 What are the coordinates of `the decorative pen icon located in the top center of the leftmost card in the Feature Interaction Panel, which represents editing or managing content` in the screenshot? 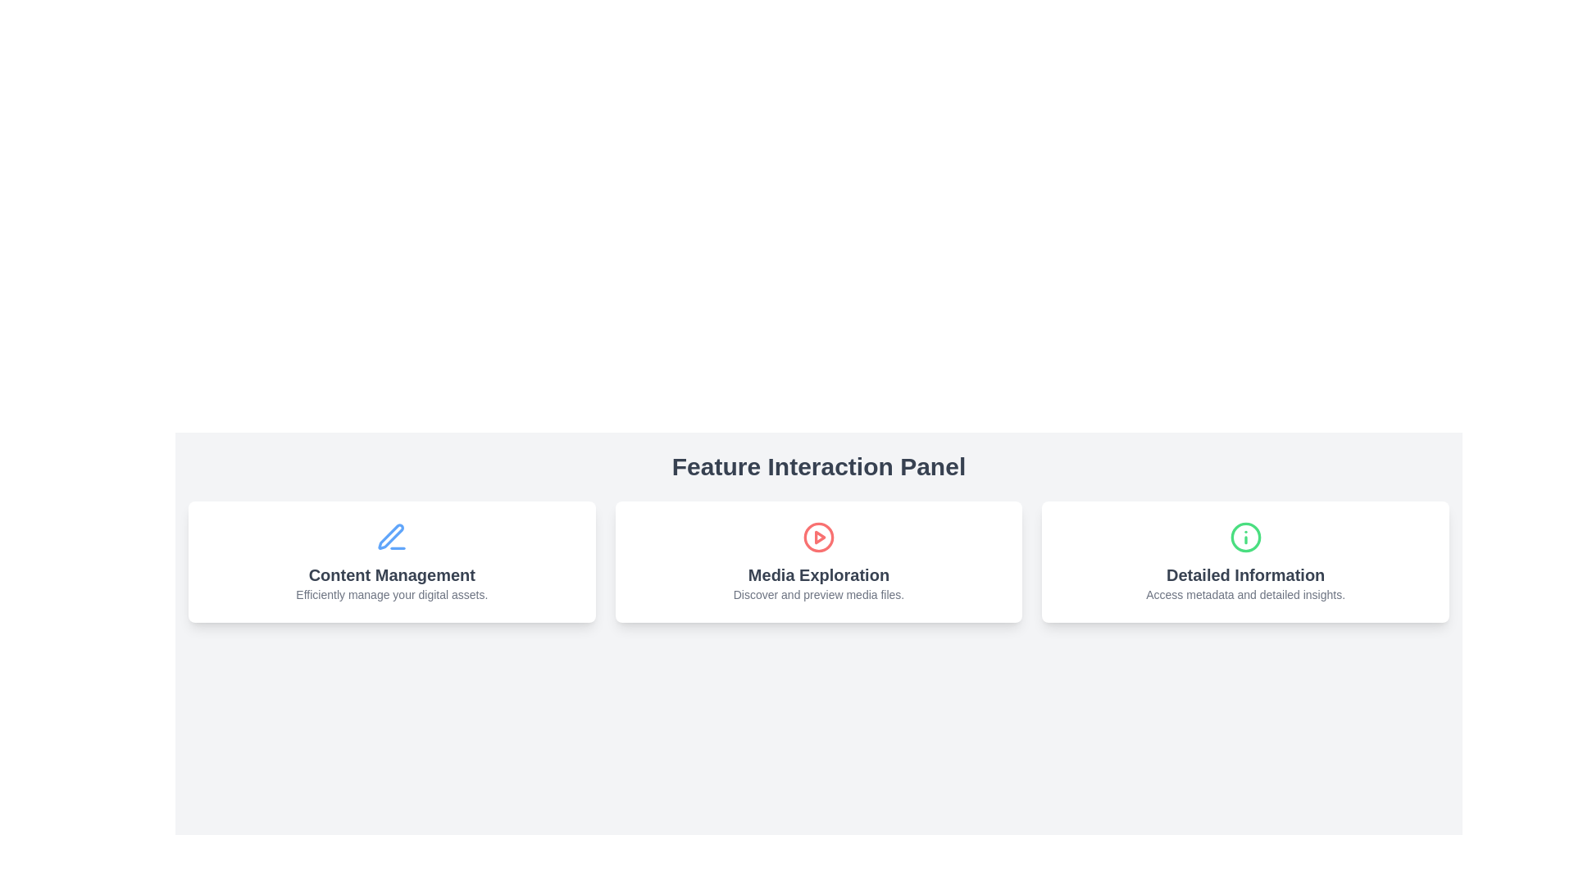 It's located at (390, 537).